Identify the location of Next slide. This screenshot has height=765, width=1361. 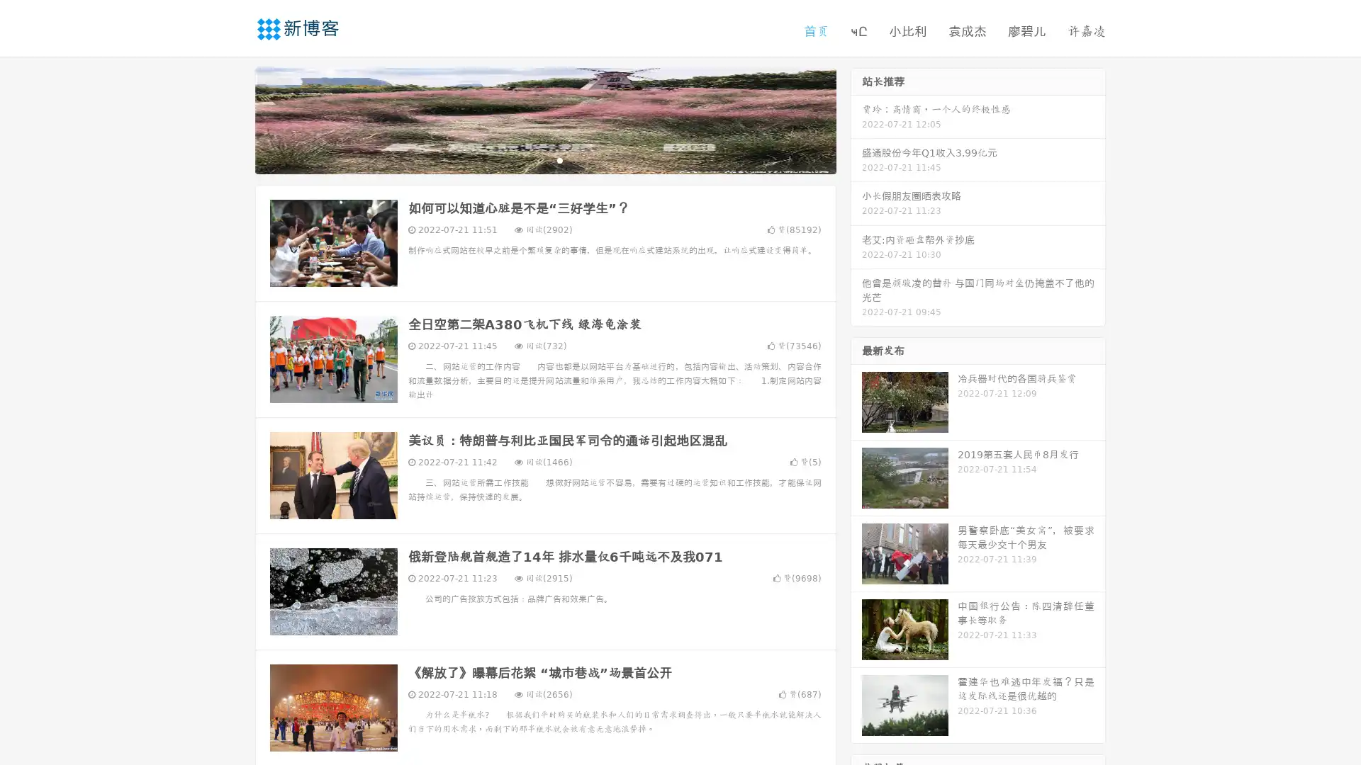
(856, 119).